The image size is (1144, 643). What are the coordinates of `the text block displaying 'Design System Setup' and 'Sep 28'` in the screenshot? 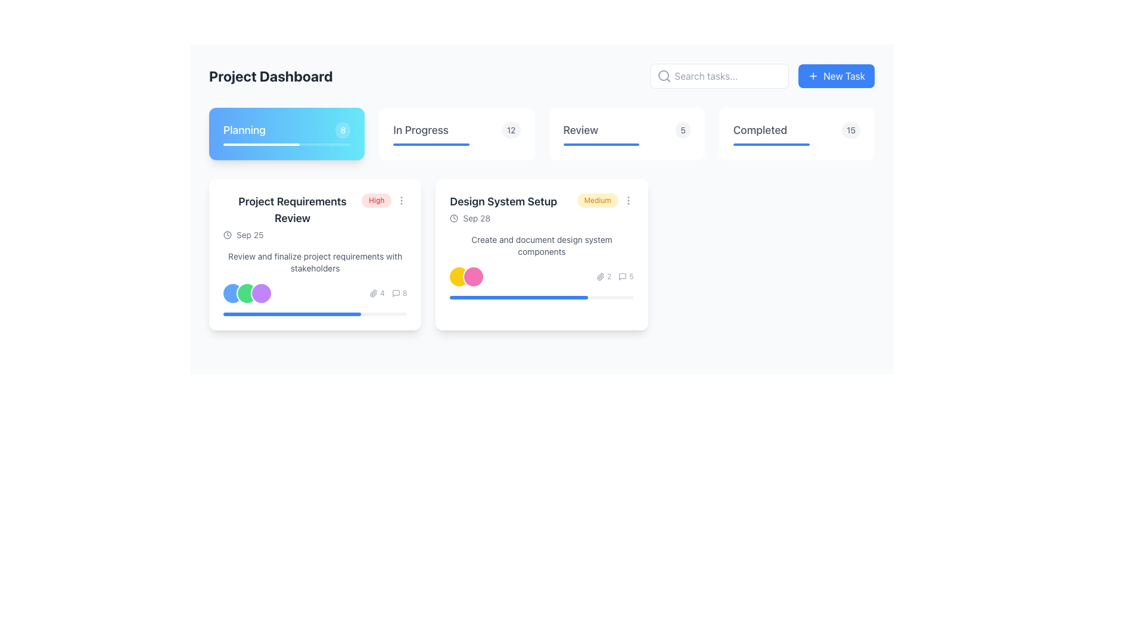 It's located at (503, 208).